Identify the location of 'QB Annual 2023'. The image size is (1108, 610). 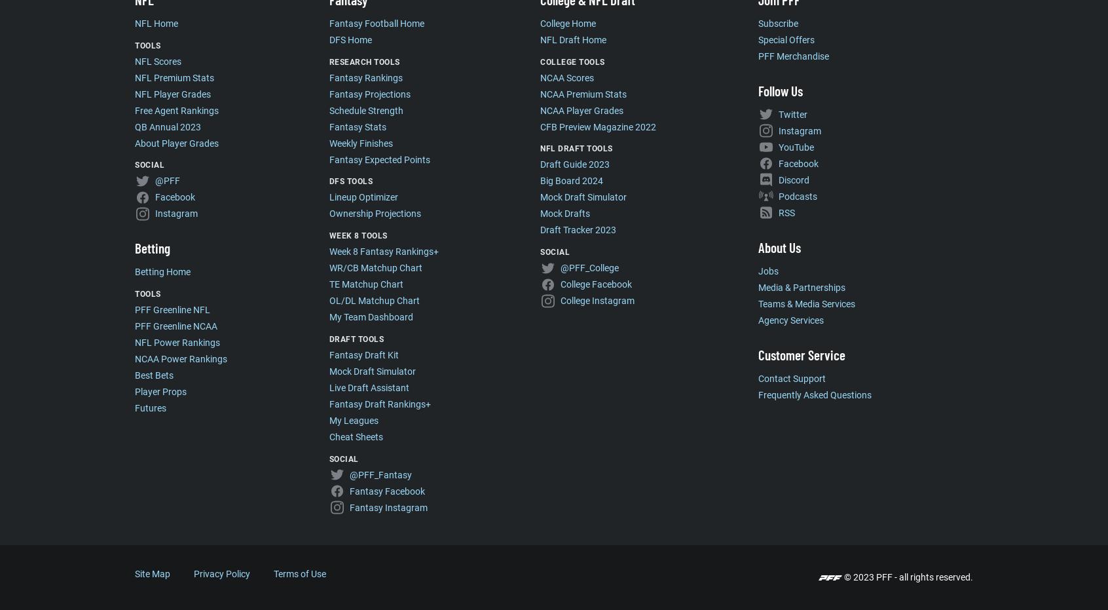
(168, 125).